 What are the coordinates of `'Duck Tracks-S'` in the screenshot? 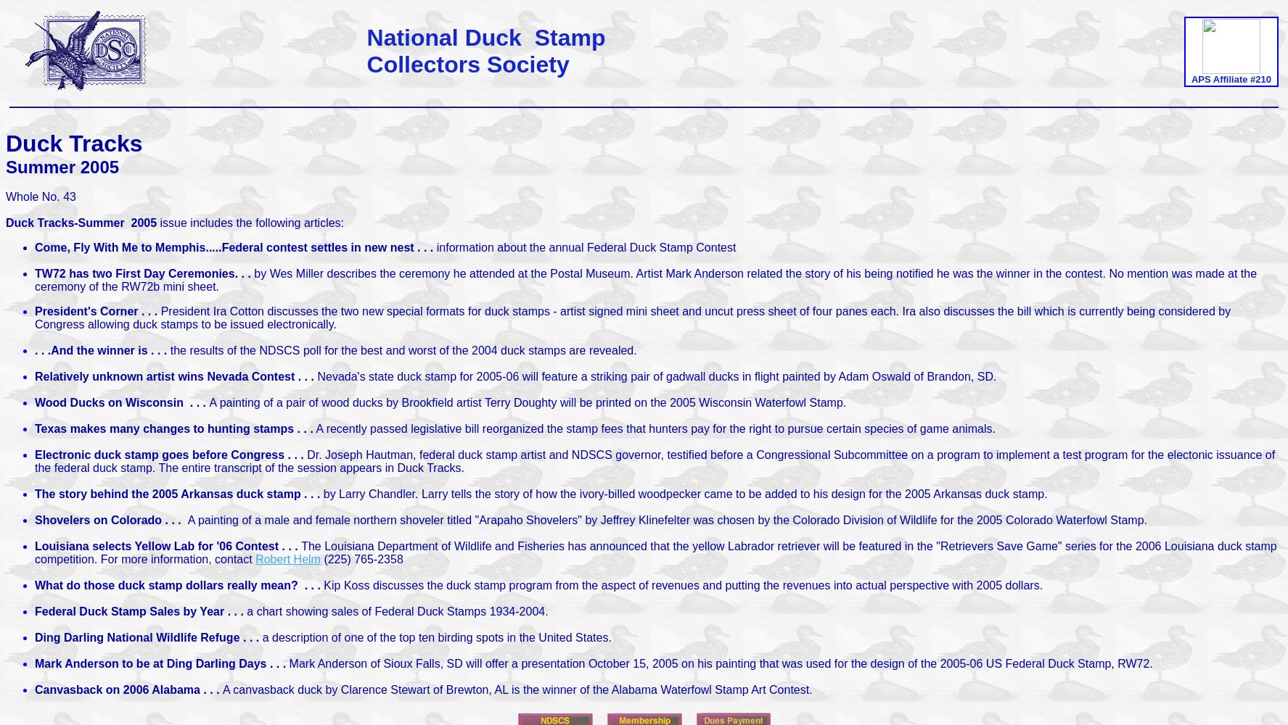 It's located at (45, 223).